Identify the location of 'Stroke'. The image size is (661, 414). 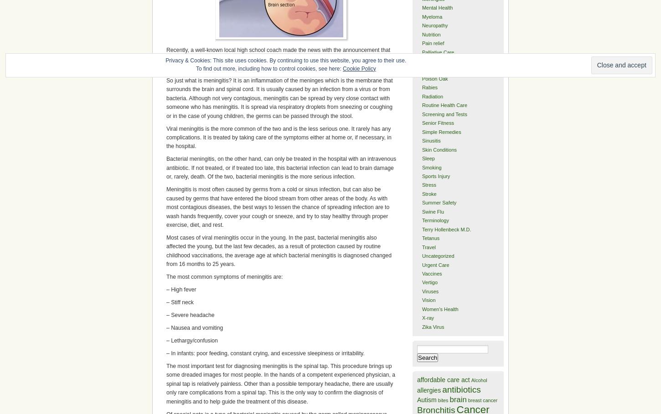
(421, 193).